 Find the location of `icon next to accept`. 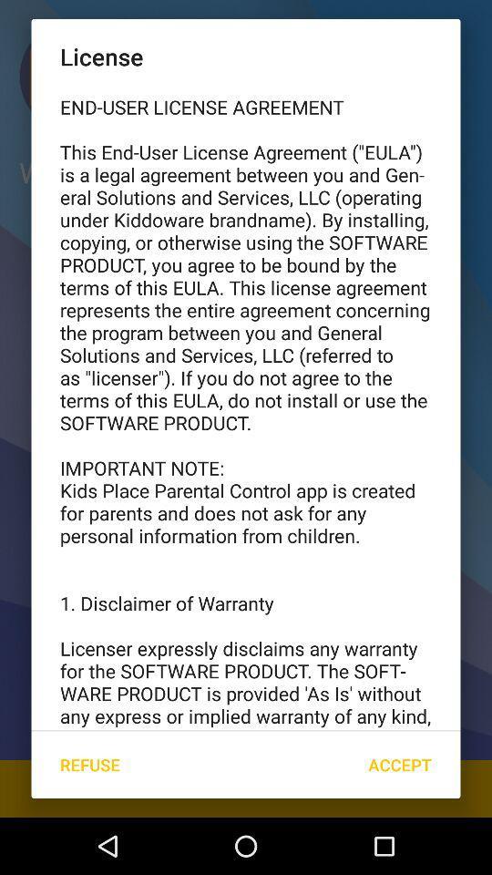

icon next to accept is located at coordinates (88, 765).